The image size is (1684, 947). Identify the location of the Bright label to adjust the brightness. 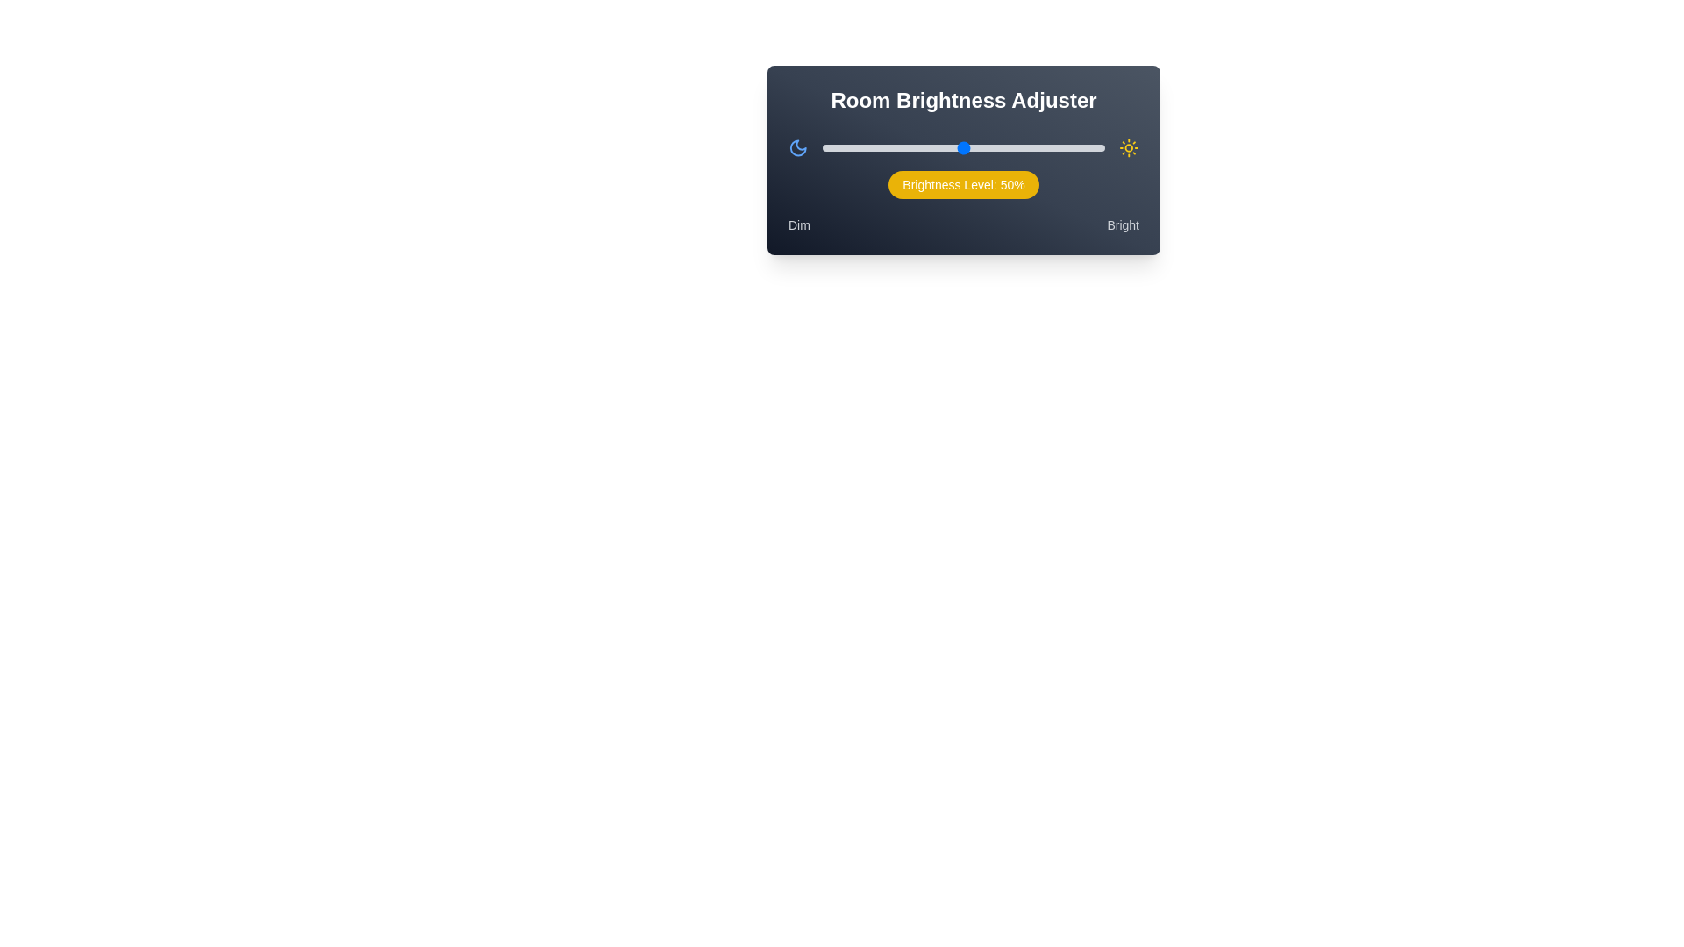
(1123, 224).